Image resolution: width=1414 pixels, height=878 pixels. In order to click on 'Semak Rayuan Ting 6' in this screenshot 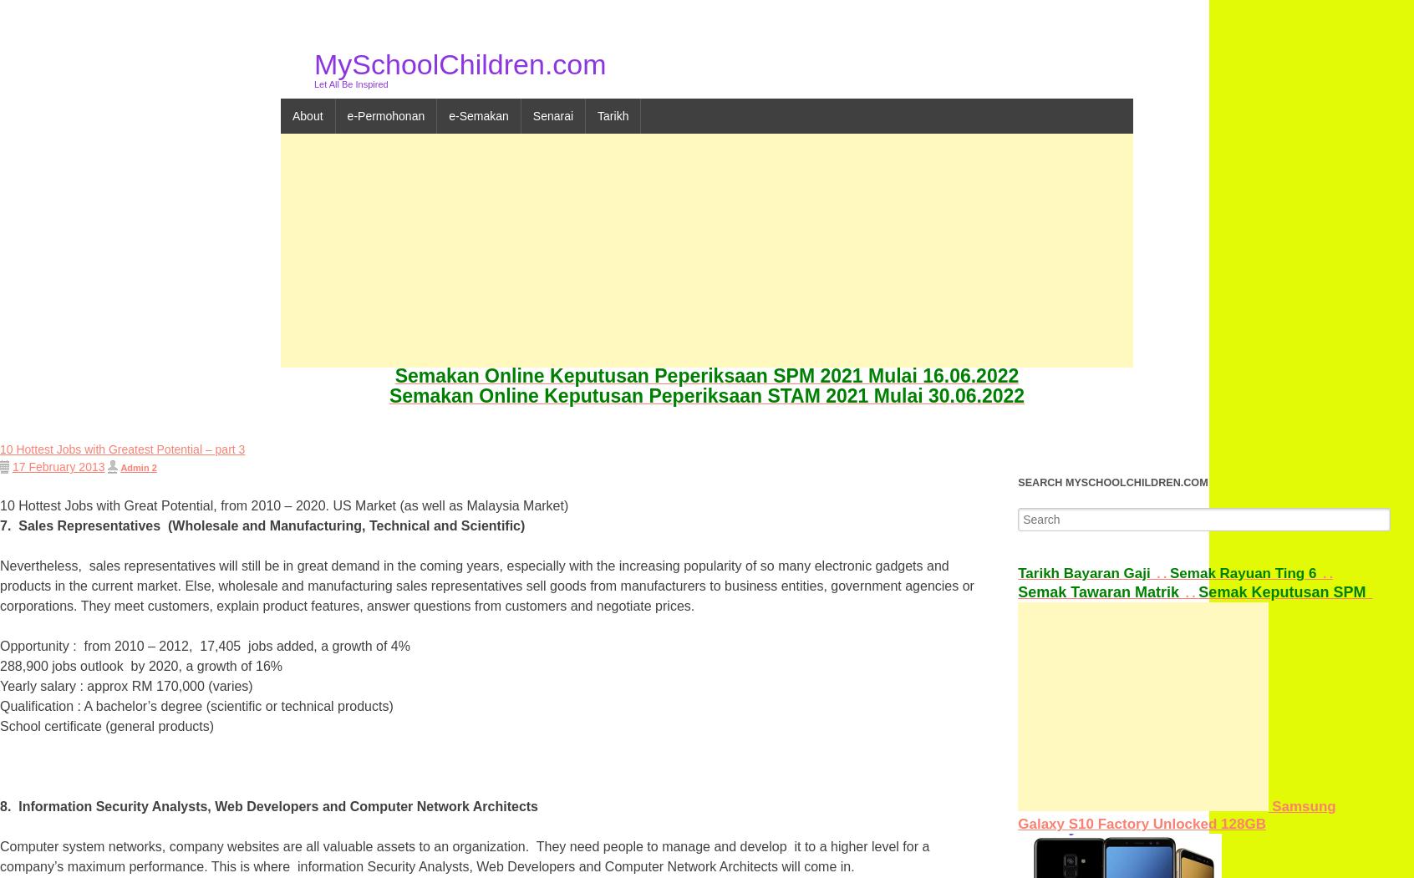, I will do `click(1169, 572)`.